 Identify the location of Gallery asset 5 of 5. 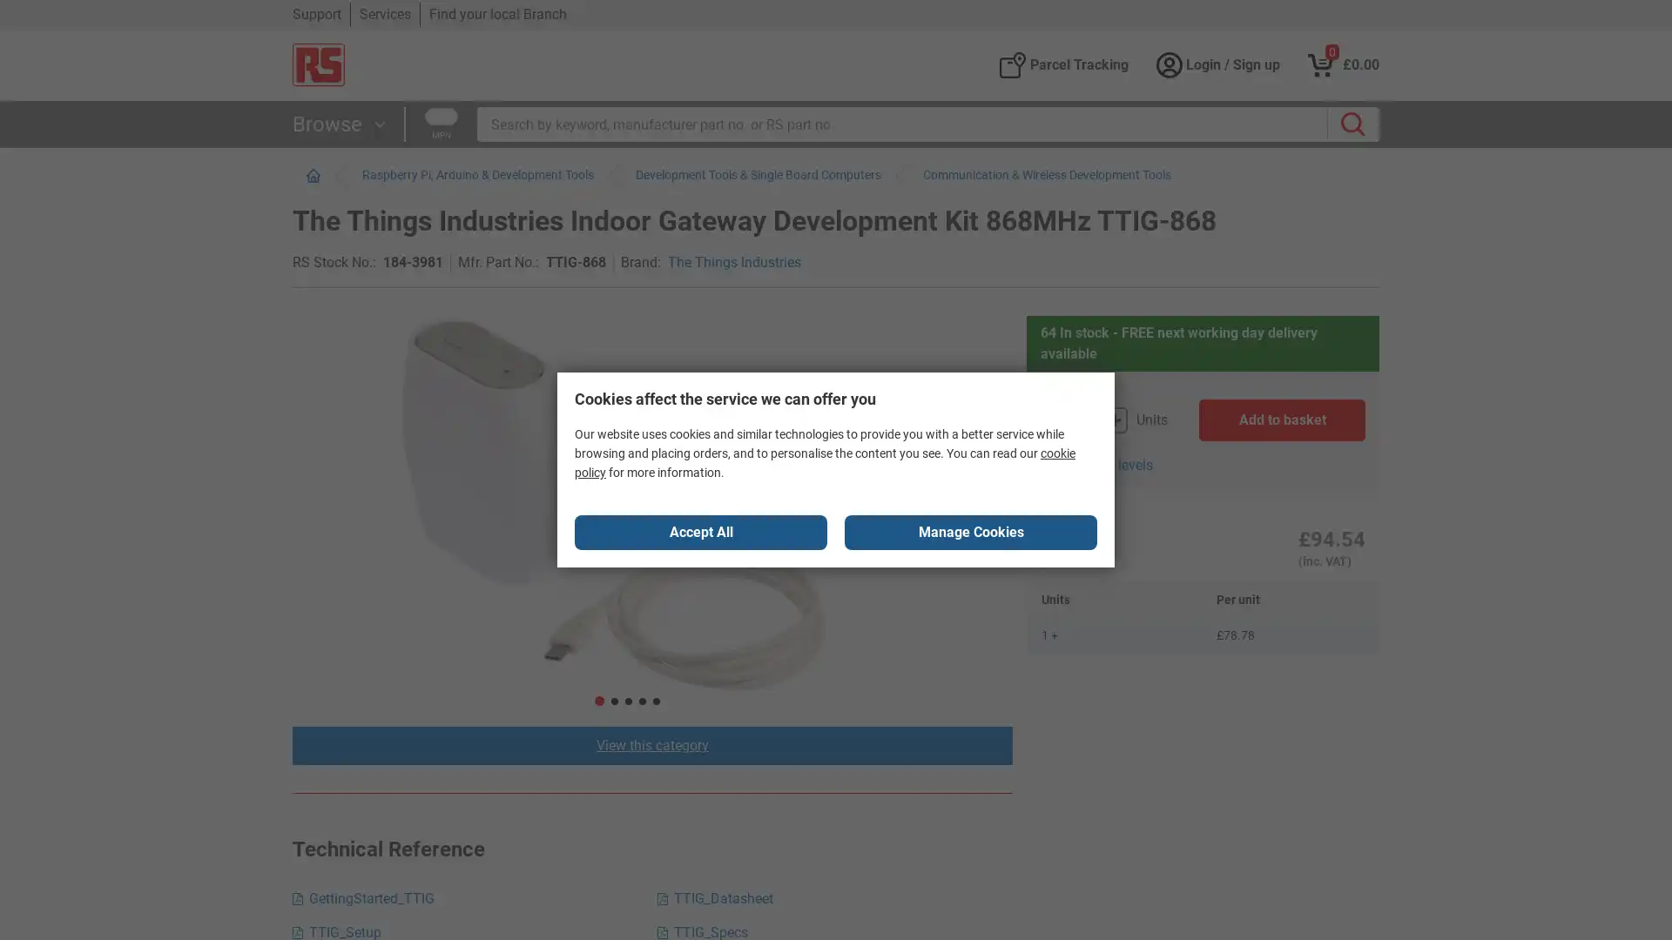
(703, 489).